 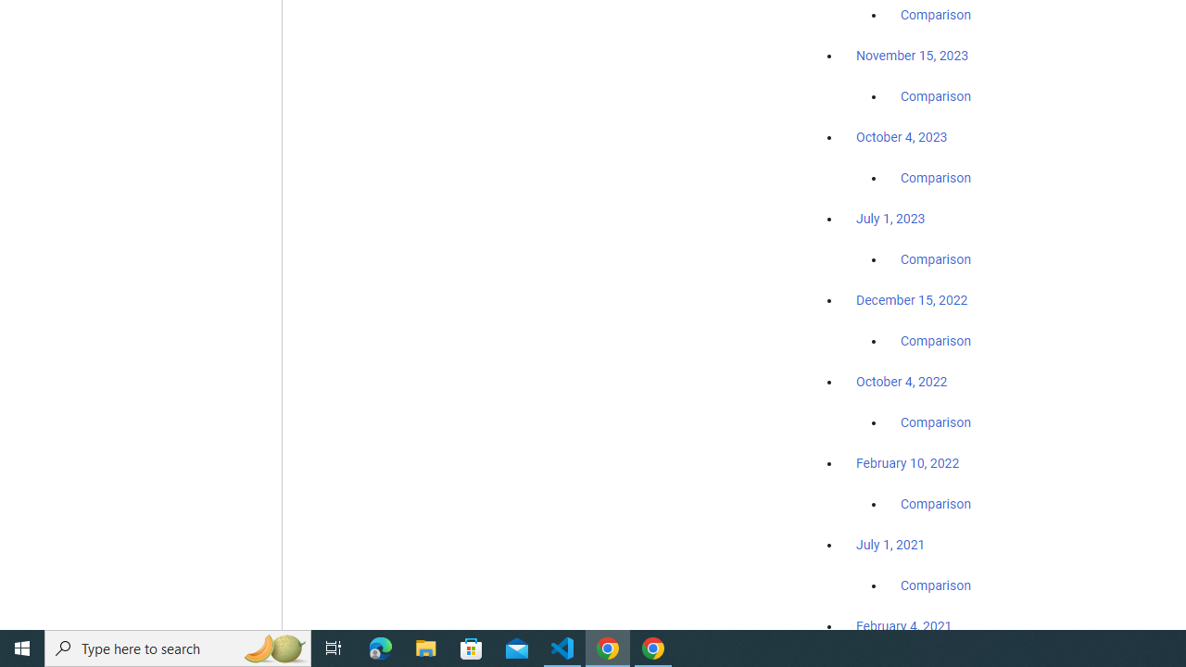 I want to click on 'December 15, 2022', so click(x=912, y=299).